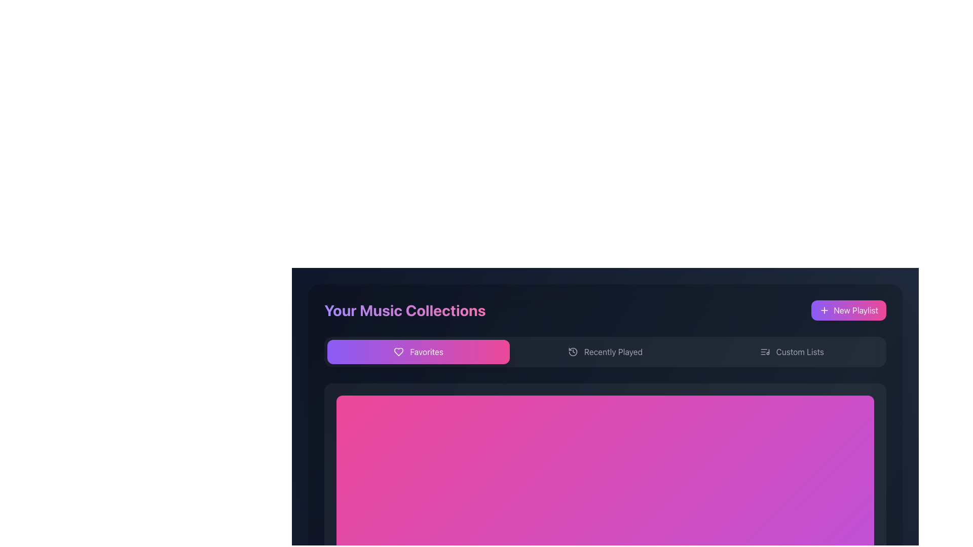 The width and height of the screenshot is (973, 547). What do you see at coordinates (419, 351) in the screenshot?
I see `the 'Favorites' button, which is a rectangular button with a gradient background from violet to pink, featuring a heart icon and white text` at bounding box center [419, 351].